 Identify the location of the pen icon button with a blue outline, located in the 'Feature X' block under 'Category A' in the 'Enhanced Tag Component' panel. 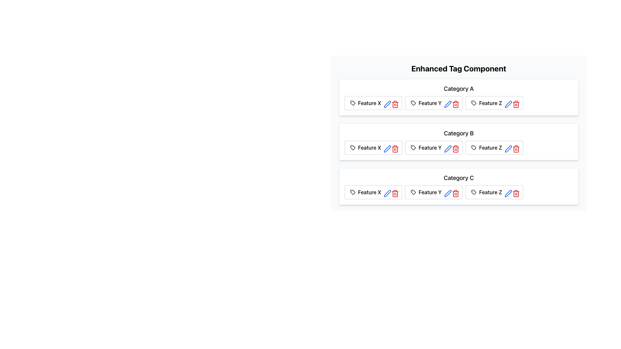
(387, 104).